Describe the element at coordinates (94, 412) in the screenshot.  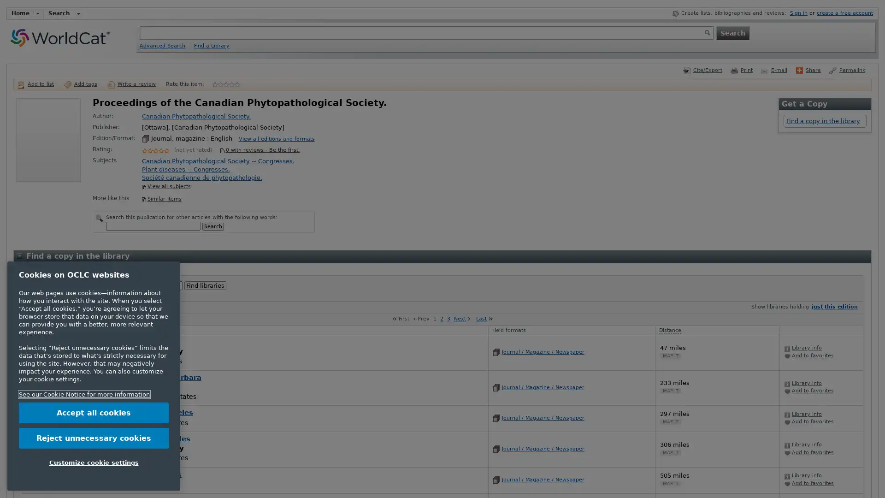
I see `Accept all cookies` at that location.